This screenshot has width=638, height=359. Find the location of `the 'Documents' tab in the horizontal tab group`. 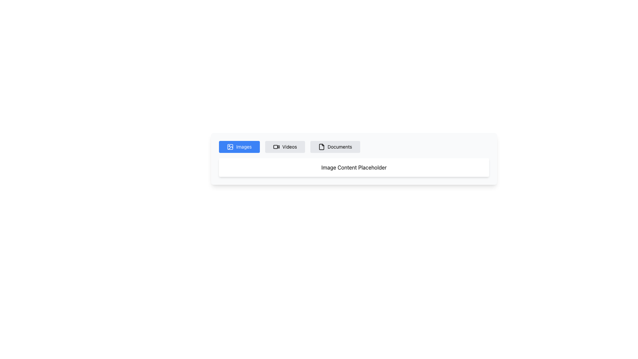

the 'Documents' tab in the horizontal tab group is located at coordinates (354, 147).